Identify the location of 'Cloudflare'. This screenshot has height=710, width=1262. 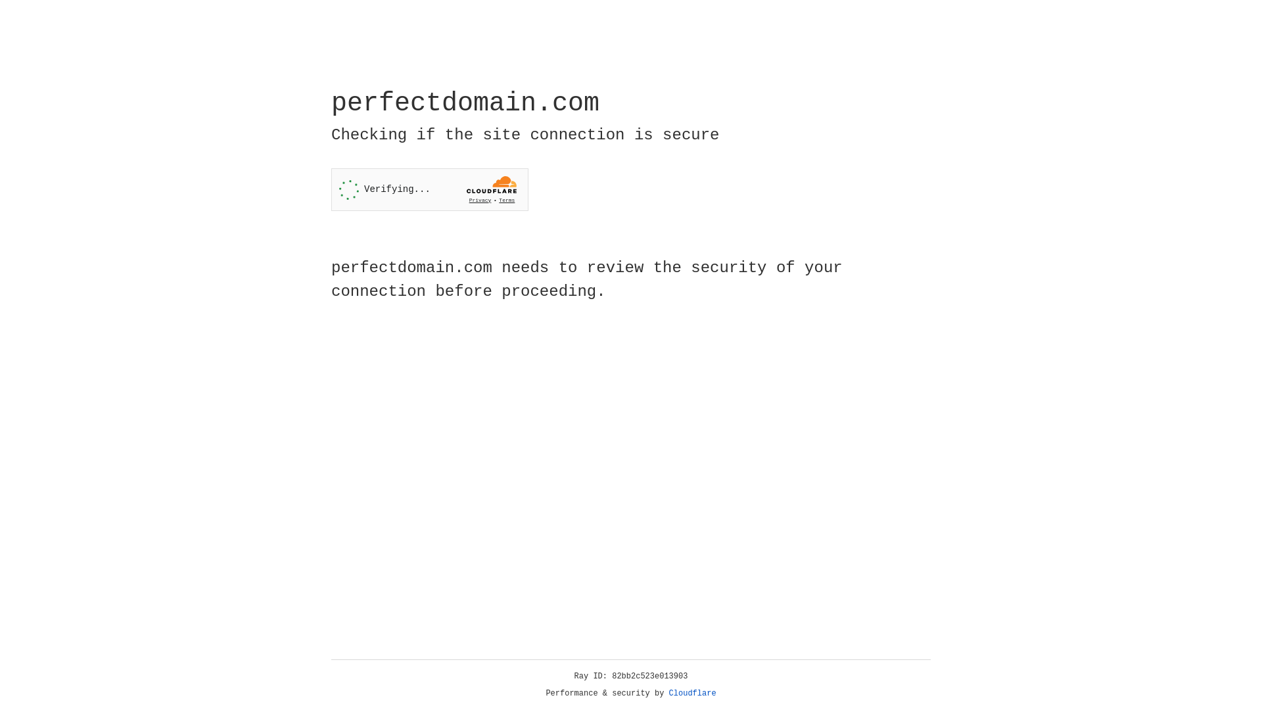
(692, 693).